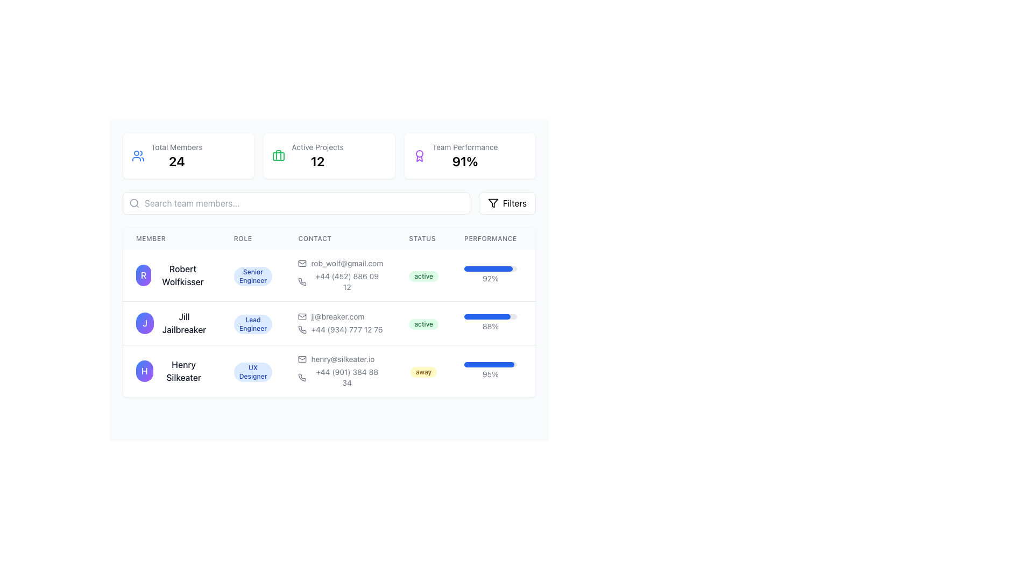 This screenshot has height=581, width=1033. Describe the element at coordinates (176, 155) in the screenshot. I see `displayed information from the 'Total Members' informational summary widget, which shows '24' in bold black font below the label in light gray font` at that location.